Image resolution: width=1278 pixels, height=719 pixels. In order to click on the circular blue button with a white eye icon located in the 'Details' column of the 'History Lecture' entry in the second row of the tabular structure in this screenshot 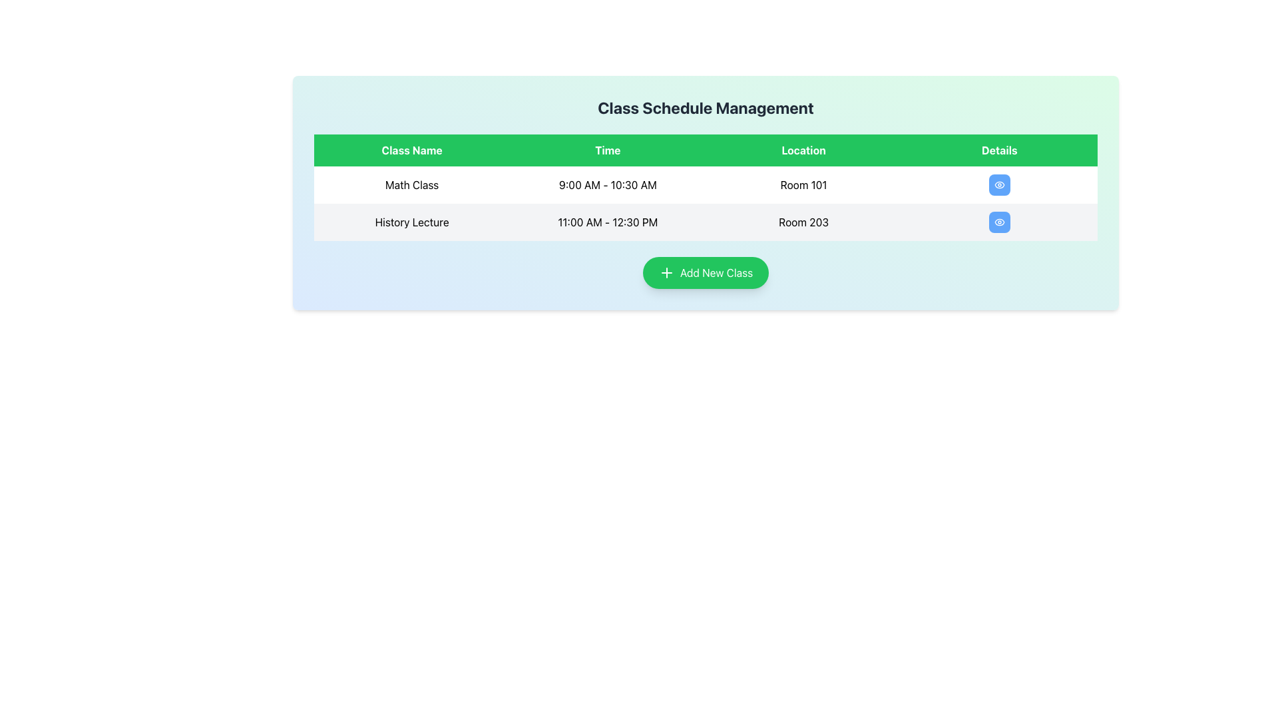, I will do `click(999, 222)`.